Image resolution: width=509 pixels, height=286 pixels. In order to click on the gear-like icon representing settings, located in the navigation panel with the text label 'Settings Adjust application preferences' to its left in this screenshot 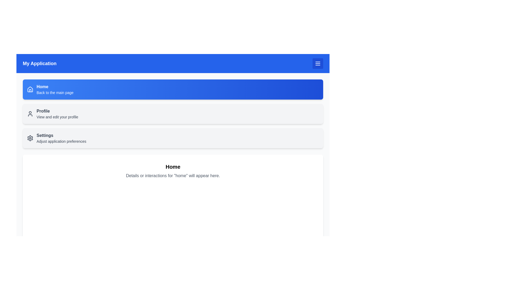, I will do `click(30, 138)`.